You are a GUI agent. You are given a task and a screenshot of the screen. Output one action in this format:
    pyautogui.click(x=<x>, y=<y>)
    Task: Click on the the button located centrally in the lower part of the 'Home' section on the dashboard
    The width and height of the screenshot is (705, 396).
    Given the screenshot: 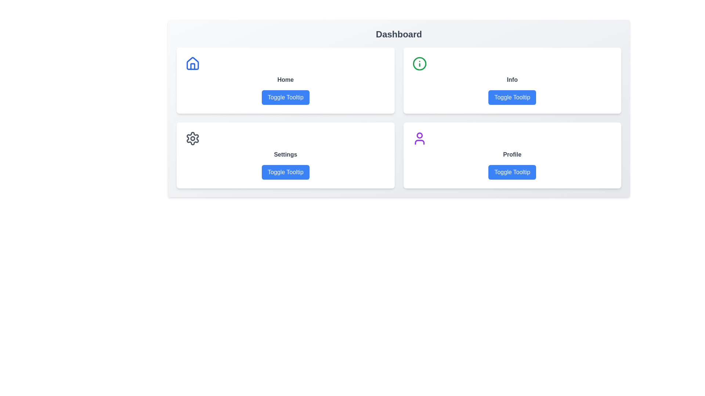 What is the action you would take?
    pyautogui.click(x=285, y=97)
    